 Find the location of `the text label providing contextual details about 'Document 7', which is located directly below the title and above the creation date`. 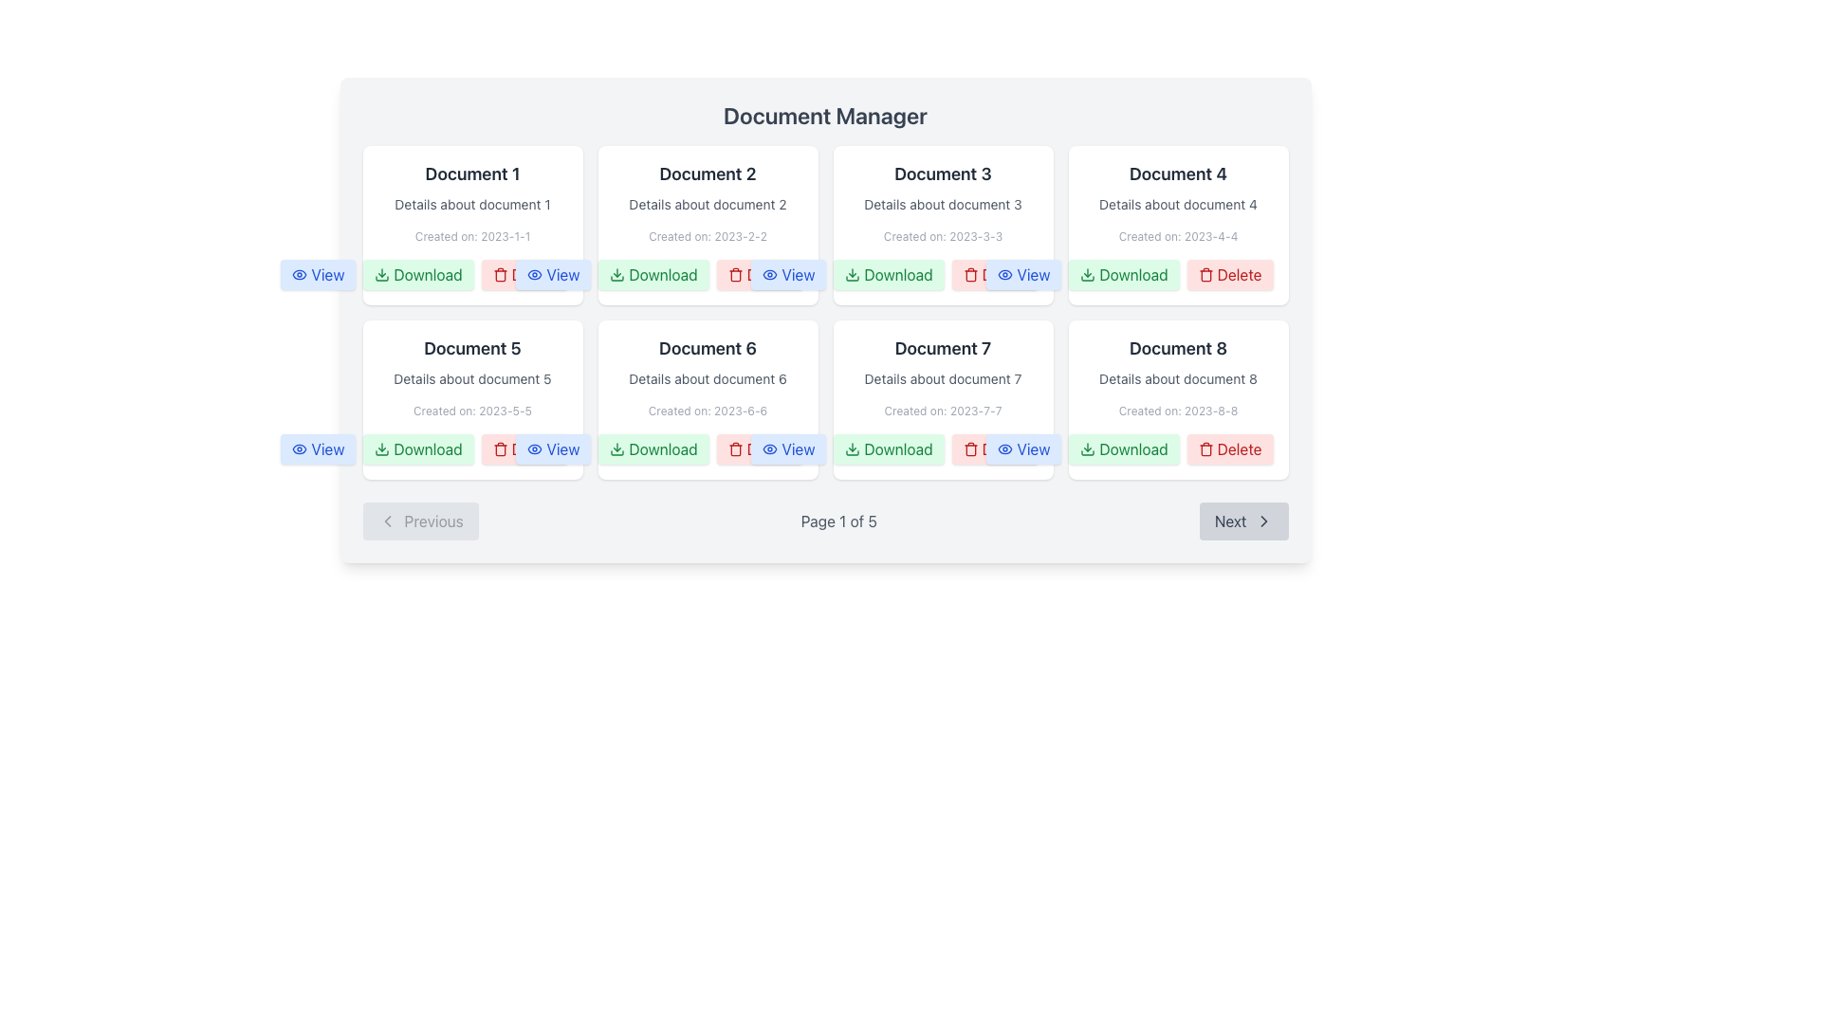

the text label providing contextual details about 'Document 7', which is located directly below the title and above the creation date is located at coordinates (943, 379).